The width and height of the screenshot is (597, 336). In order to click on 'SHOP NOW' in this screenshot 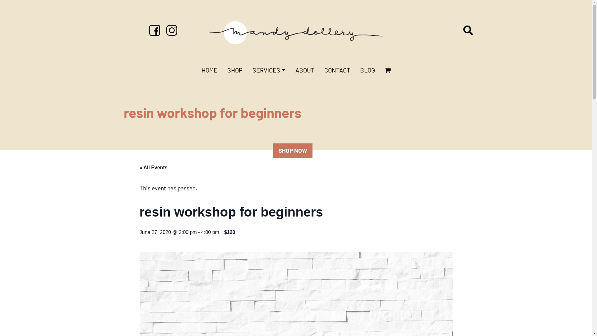, I will do `click(292, 151)`.